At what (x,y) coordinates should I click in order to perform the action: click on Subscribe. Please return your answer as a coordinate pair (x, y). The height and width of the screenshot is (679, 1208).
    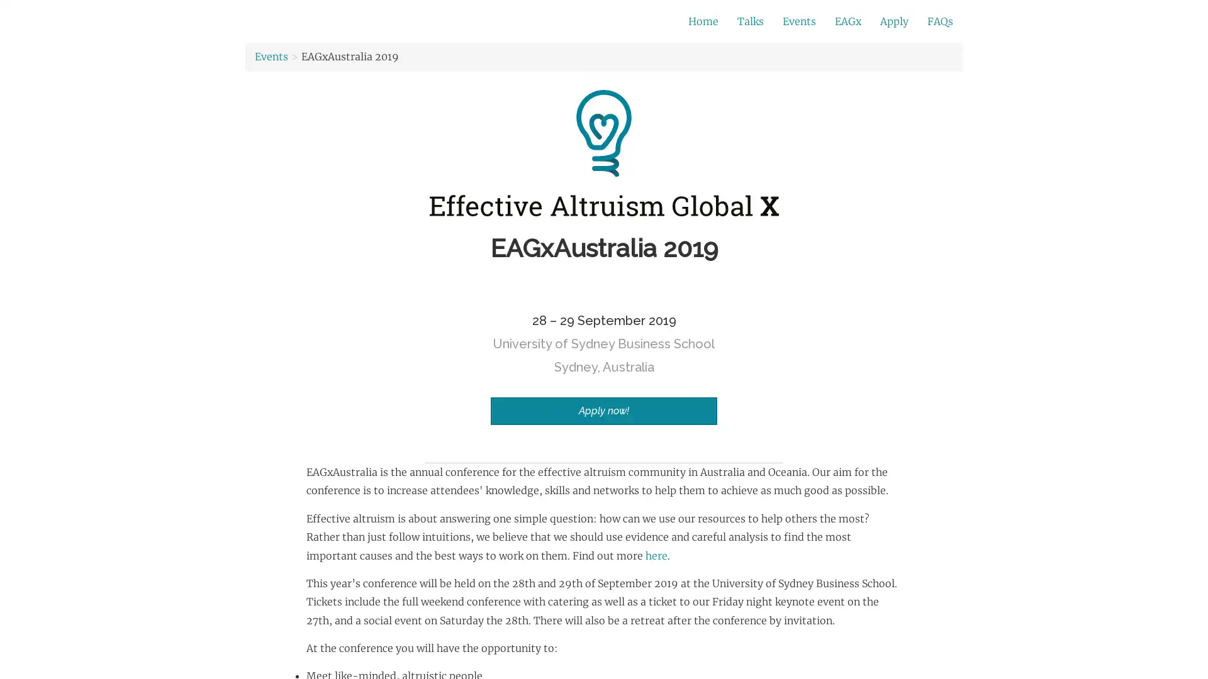
    Looking at the image, I should click on (778, 22).